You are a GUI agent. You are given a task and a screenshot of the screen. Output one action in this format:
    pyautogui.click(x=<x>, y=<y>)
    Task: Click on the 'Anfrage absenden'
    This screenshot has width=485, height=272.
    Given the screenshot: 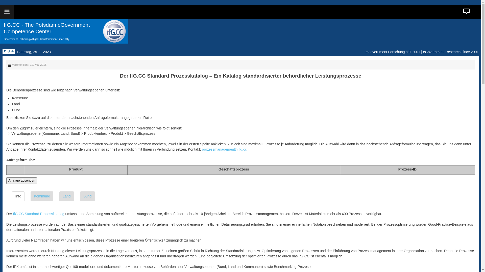 What is the action you would take?
    pyautogui.click(x=21, y=180)
    